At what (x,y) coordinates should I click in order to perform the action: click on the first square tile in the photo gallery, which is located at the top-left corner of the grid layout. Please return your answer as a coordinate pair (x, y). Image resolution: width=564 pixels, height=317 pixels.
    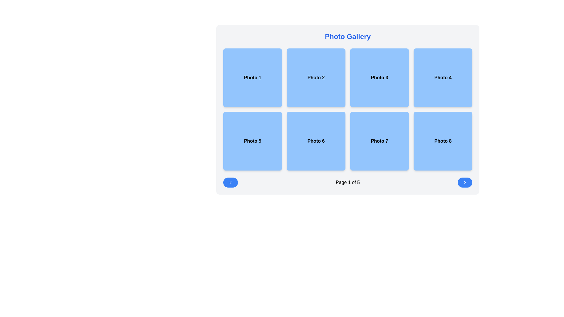
    Looking at the image, I should click on (252, 77).